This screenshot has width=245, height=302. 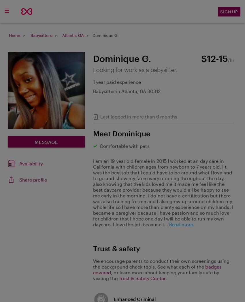 What do you see at coordinates (124, 146) in the screenshot?
I see `'Comfortable with pets'` at bounding box center [124, 146].